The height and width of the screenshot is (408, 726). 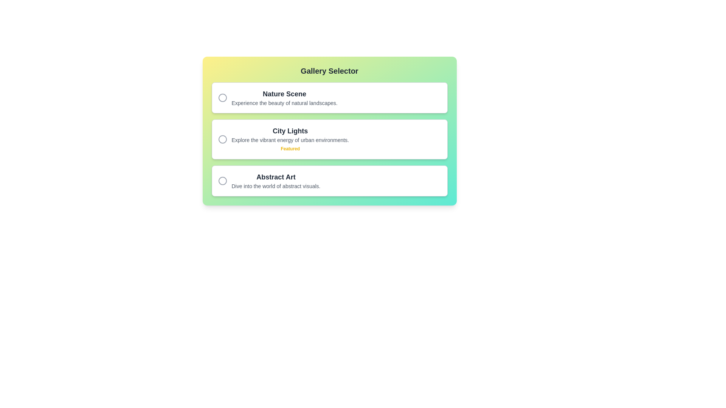 I want to click on the inner circular shape of the radio button for the 'Abstract Art' option in the 'Gallery Selector' menu, so click(x=222, y=181).